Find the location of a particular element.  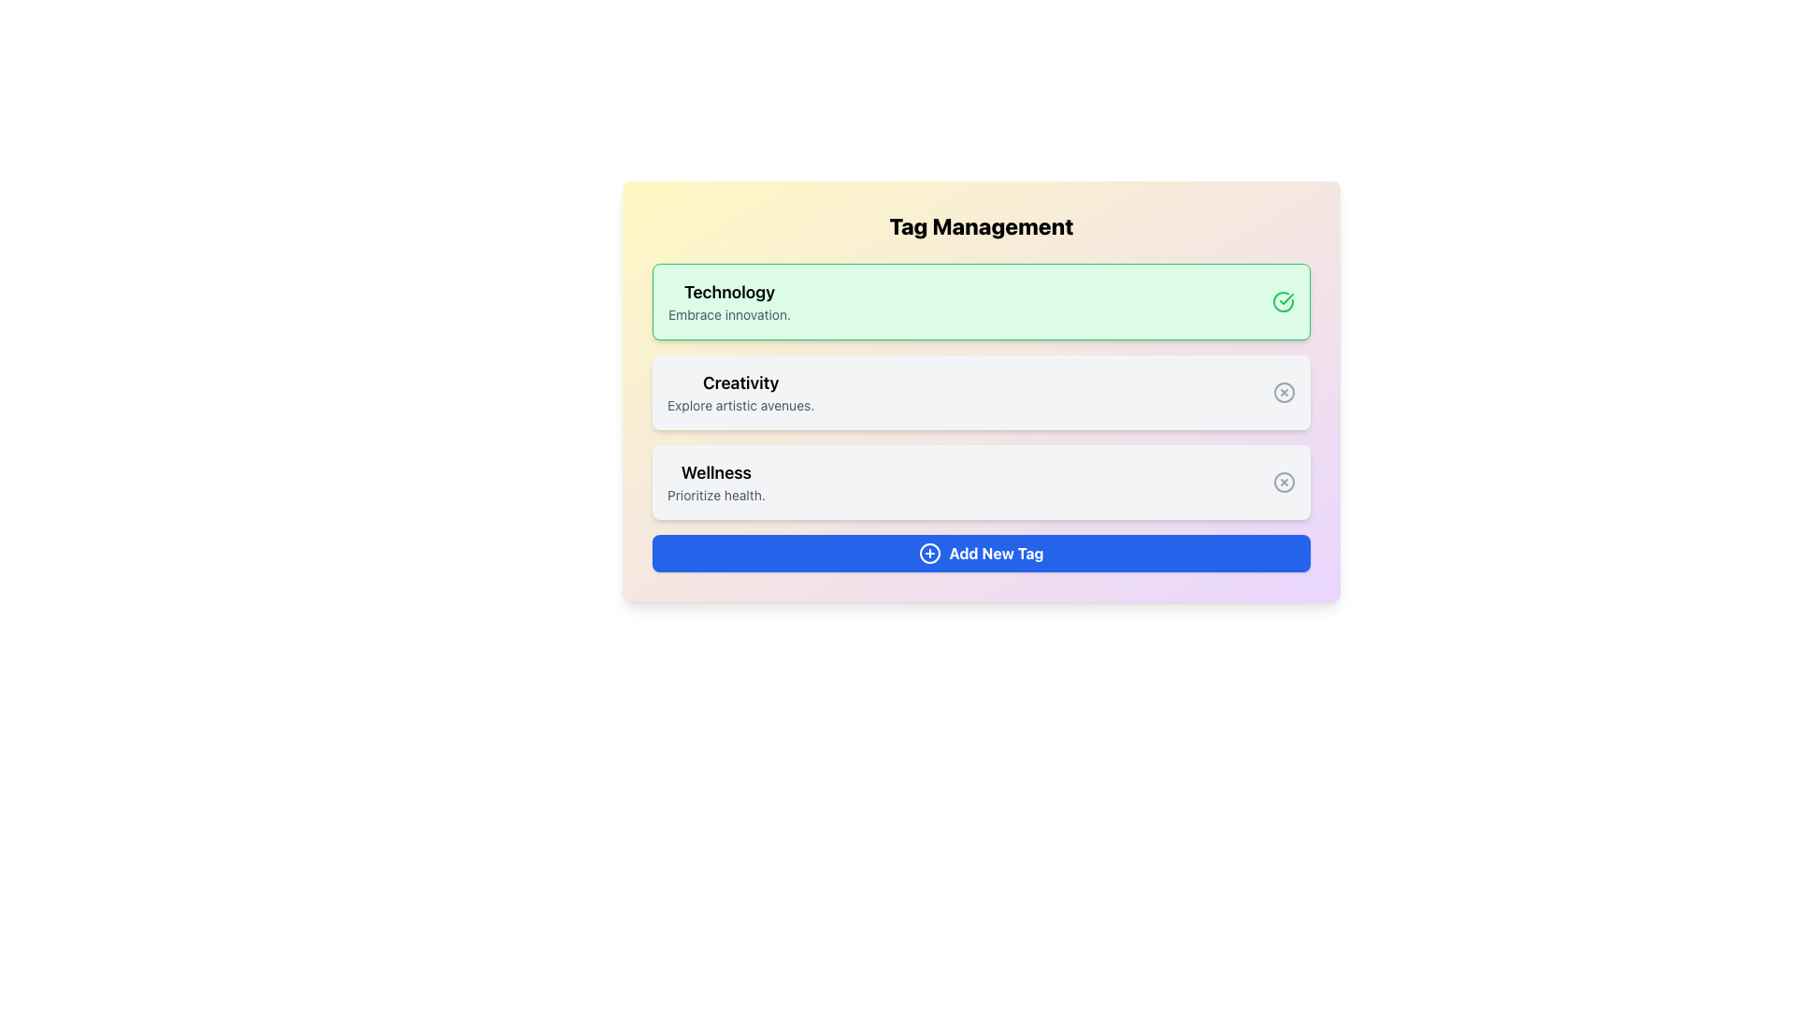

the text label that serves as the descriptive subtitle for the 'Creativity' section is located at coordinates (740, 405).